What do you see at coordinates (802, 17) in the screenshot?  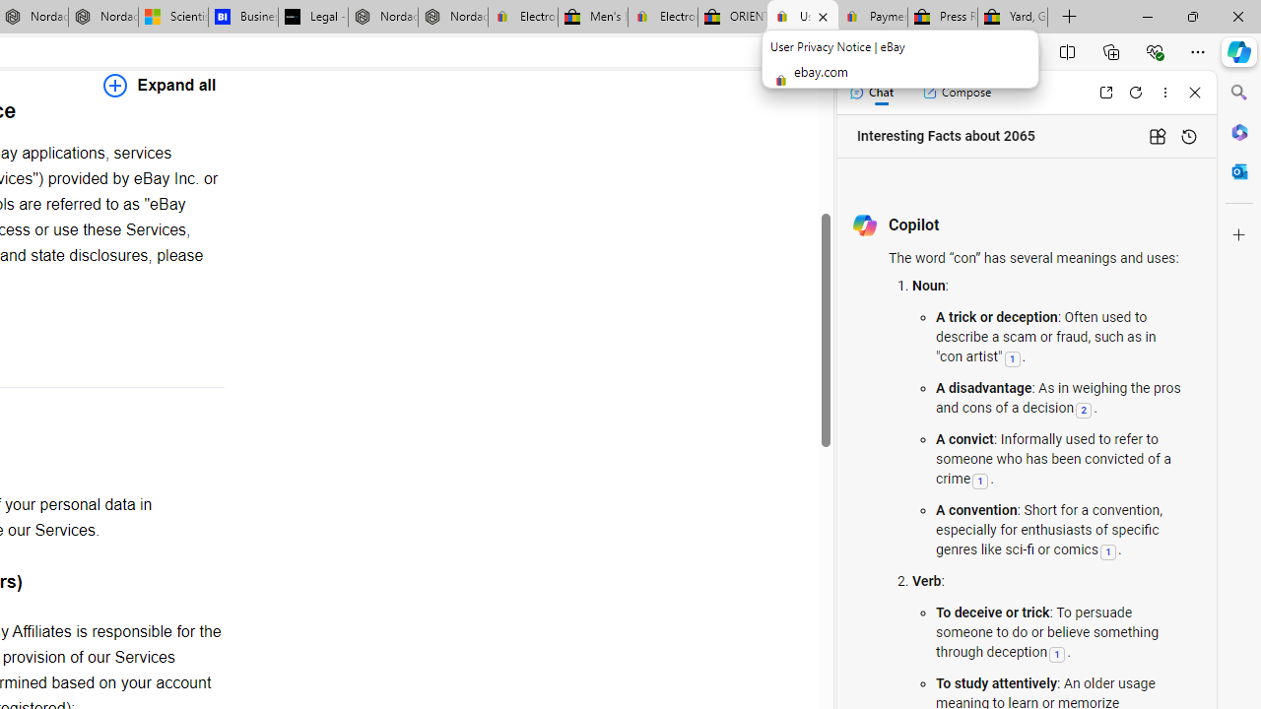 I see `'User Privacy Notice | eBay'` at bounding box center [802, 17].